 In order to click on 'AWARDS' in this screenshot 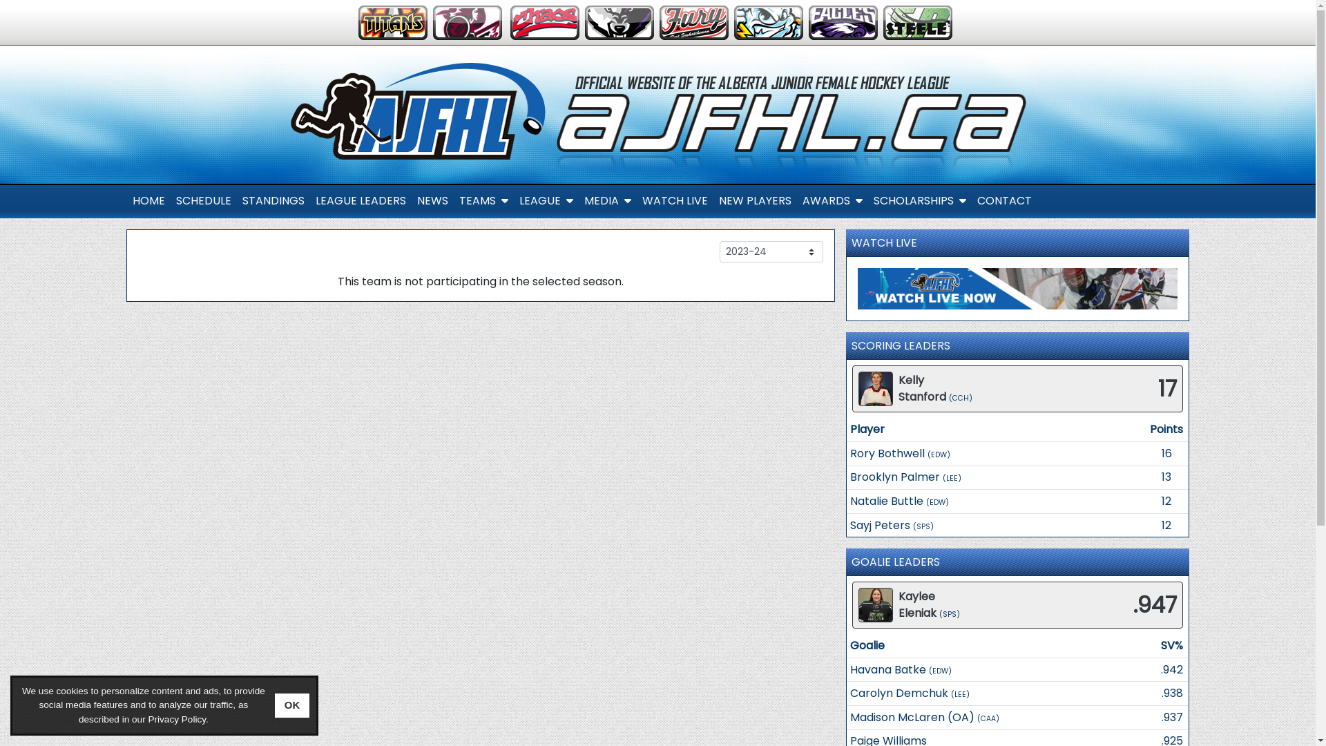, I will do `click(796, 200)`.